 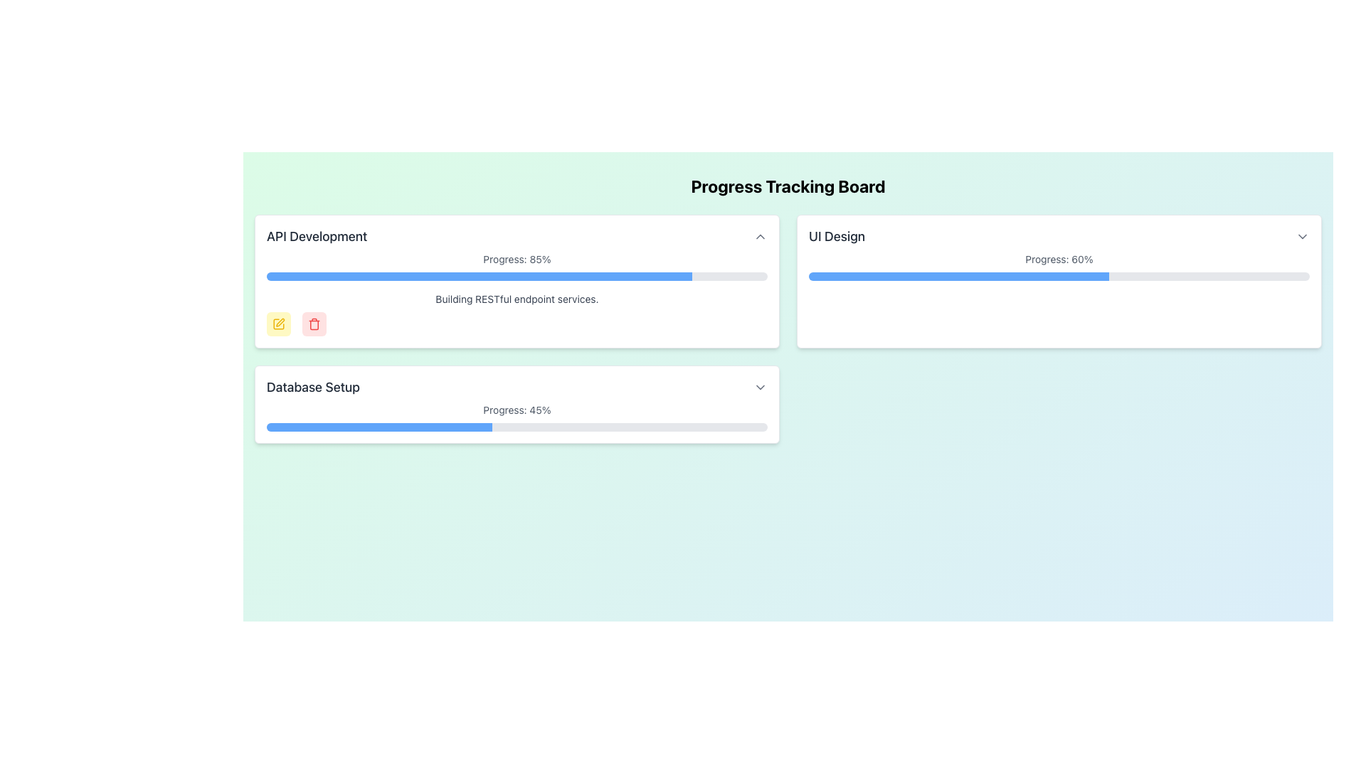 I want to click on the progress bar indicating 45% progression located under the title 'Database Setup', so click(x=516, y=427).